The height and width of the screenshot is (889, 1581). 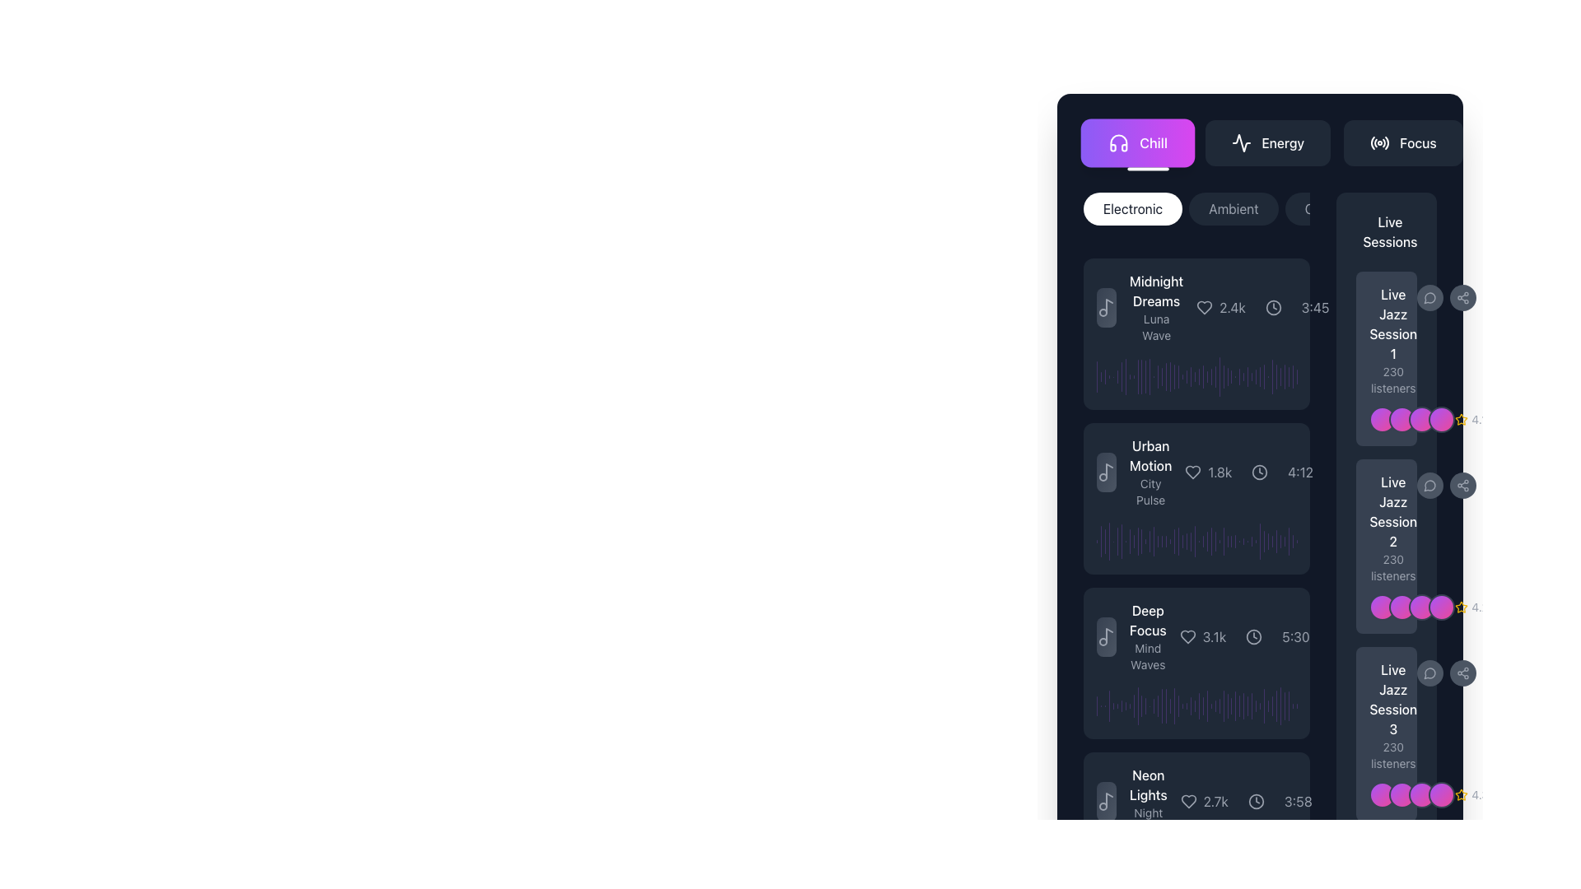 I want to click on the Text Label that serves as a heading for the live sessions section, which is located towards the right side of the interface above the list of items labeled 'Live Jazz Session 1', 'Live Jazz Session 2', and 'Live Jazz Session 3', so click(x=1386, y=231).